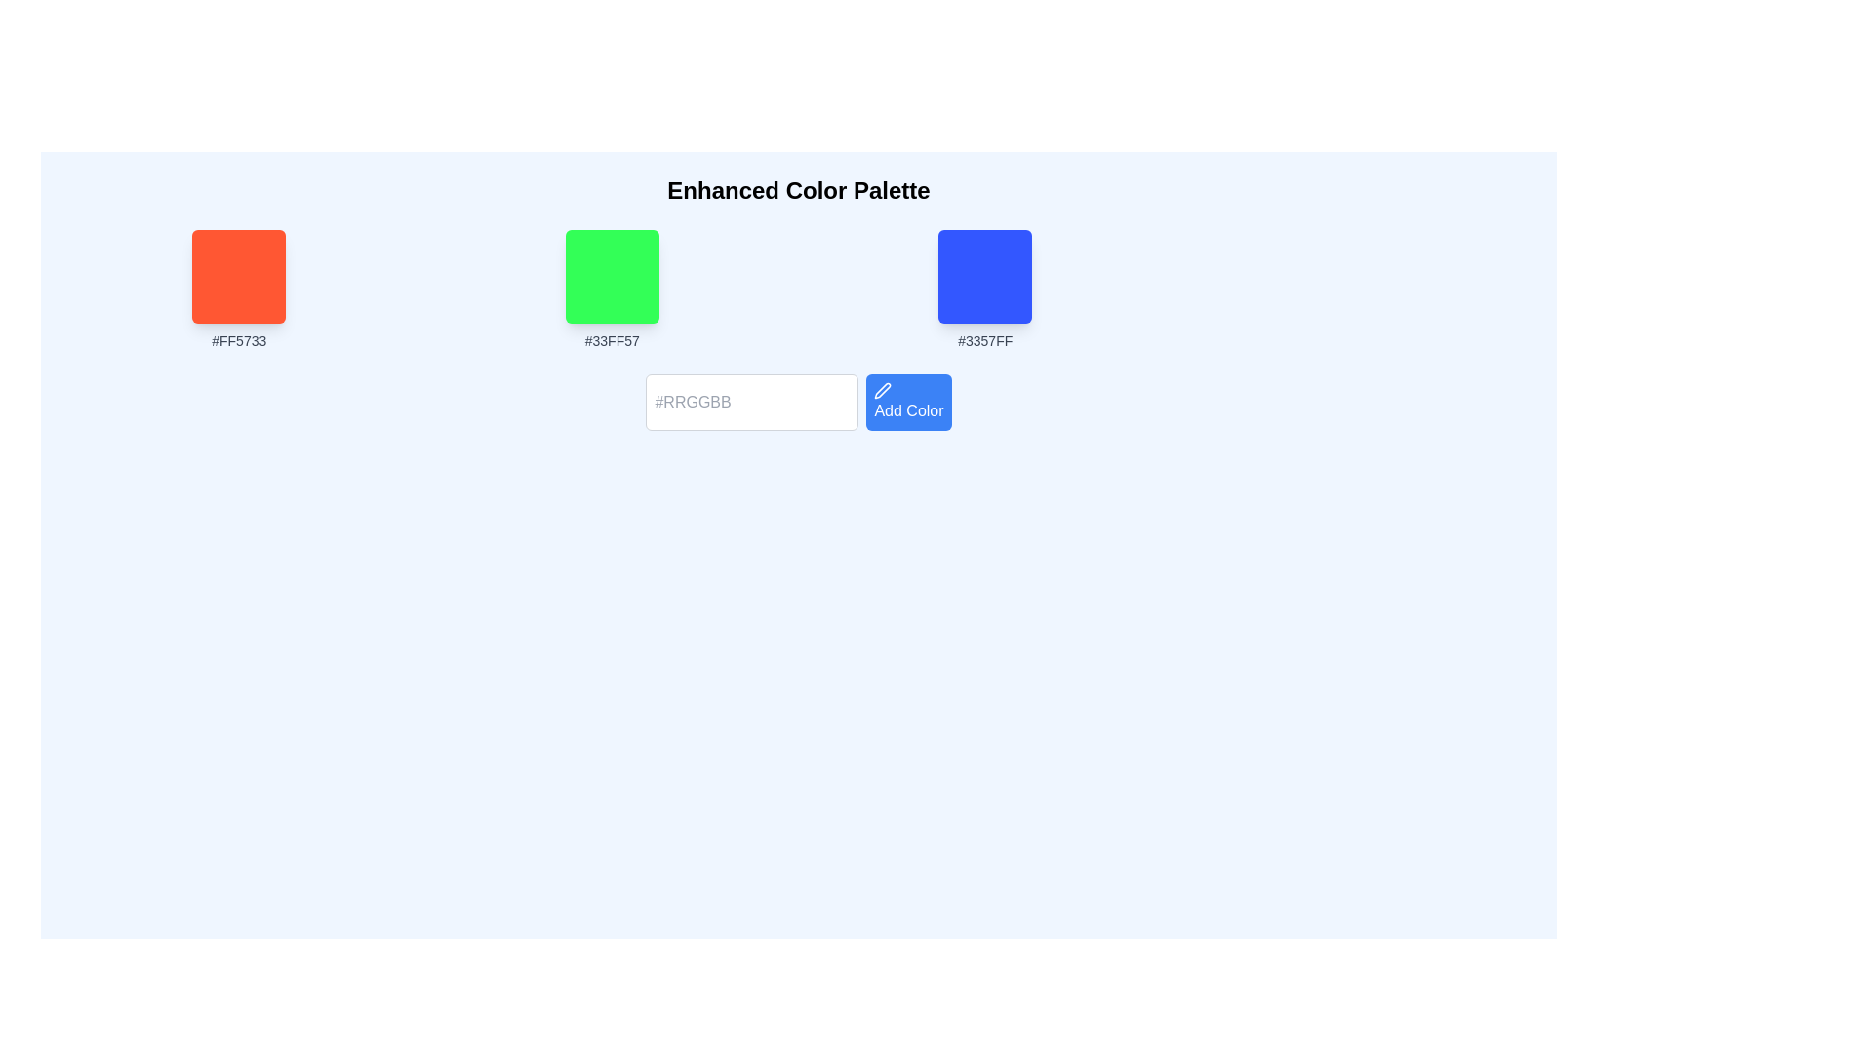  What do you see at coordinates (882, 391) in the screenshot?
I see `the pen icon within the blue 'Add Color' button as a visual cue` at bounding box center [882, 391].